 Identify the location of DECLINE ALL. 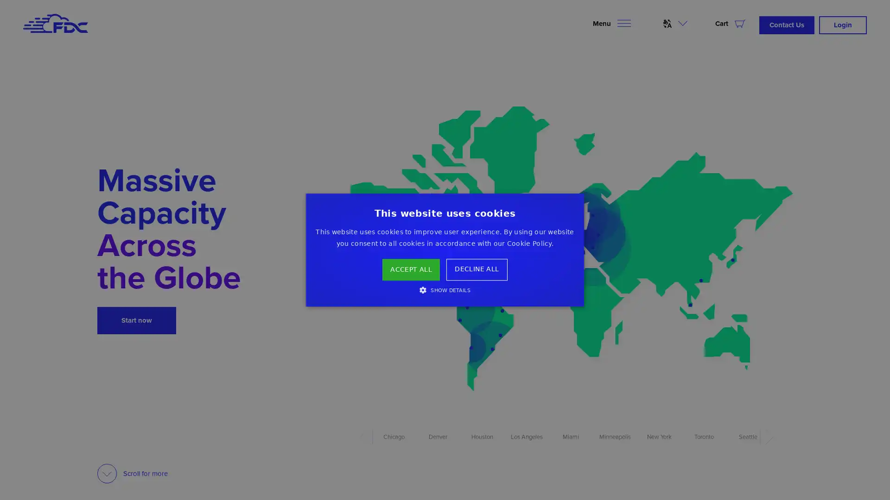
(477, 269).